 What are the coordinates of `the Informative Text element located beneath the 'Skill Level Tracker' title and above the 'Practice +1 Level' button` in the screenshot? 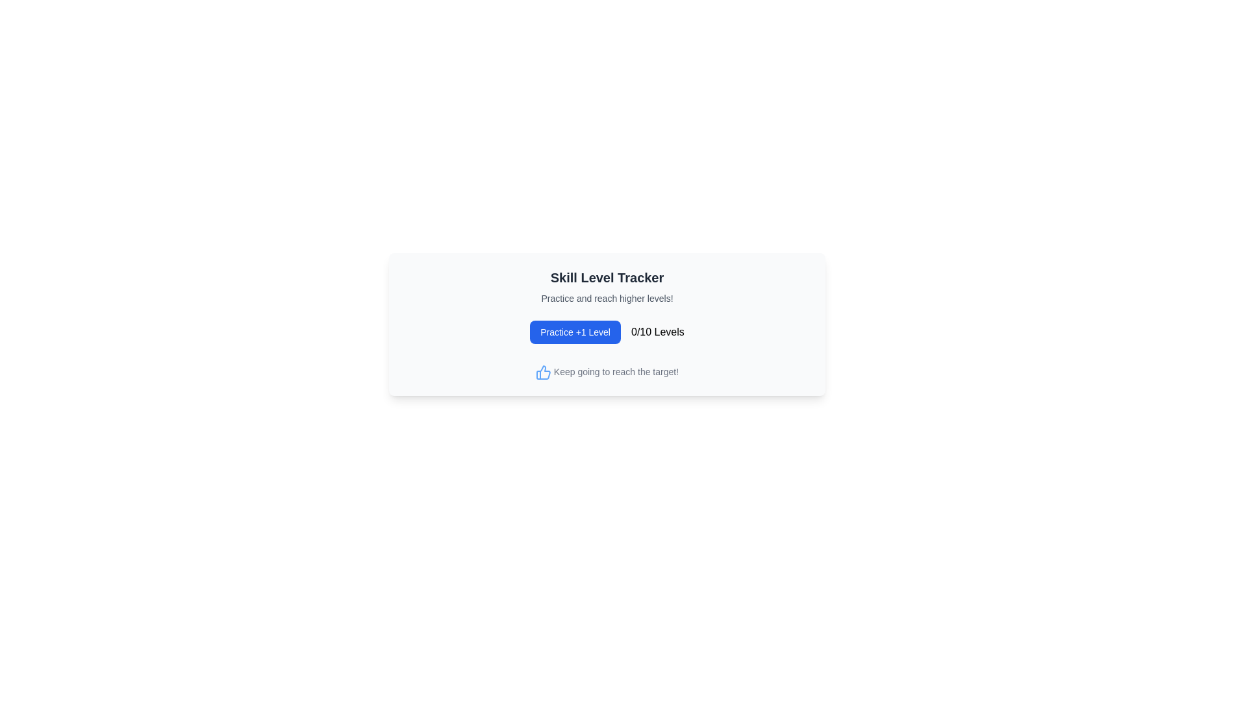 It's located at (607, 298).